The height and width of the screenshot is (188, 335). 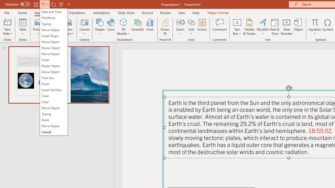 What do you see at coordinates (315, 27) in the screenshot?
I see `'Equation'` at bounding box center [315, 27].